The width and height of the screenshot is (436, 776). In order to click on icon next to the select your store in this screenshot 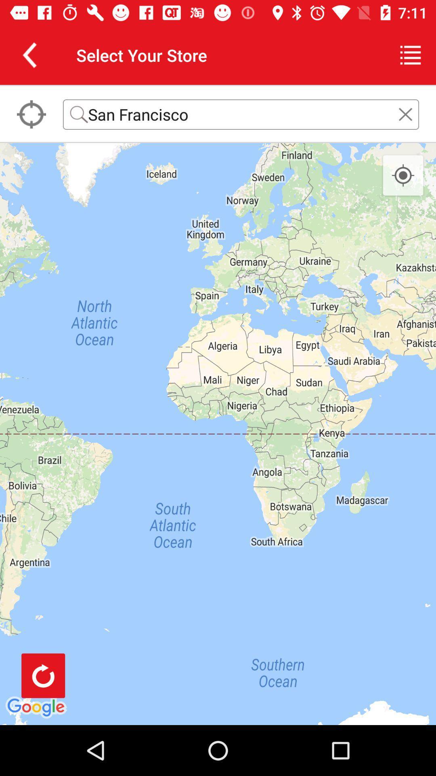, I will do `click(411, 55)`.